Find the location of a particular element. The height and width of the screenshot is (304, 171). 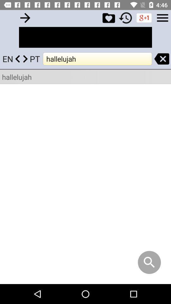

the close icon is located at coordinates (161, 59).